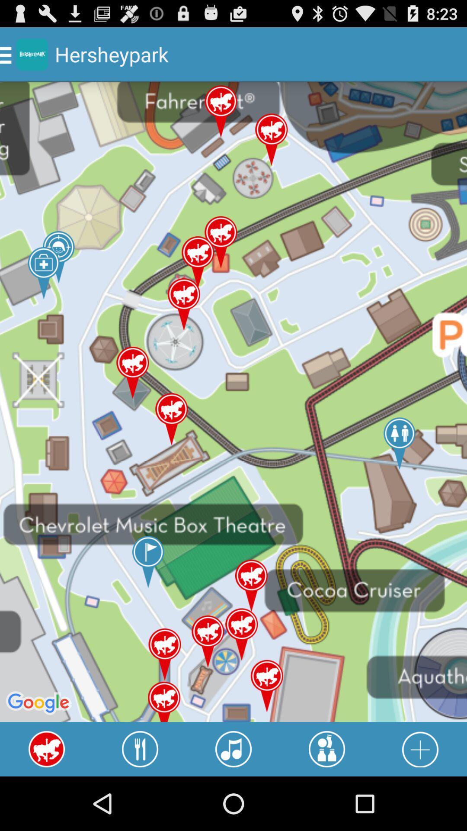 The image size is (467, 831). Describe the element at coordinates (233, 749) in the screenshot. I see `music` at that location.